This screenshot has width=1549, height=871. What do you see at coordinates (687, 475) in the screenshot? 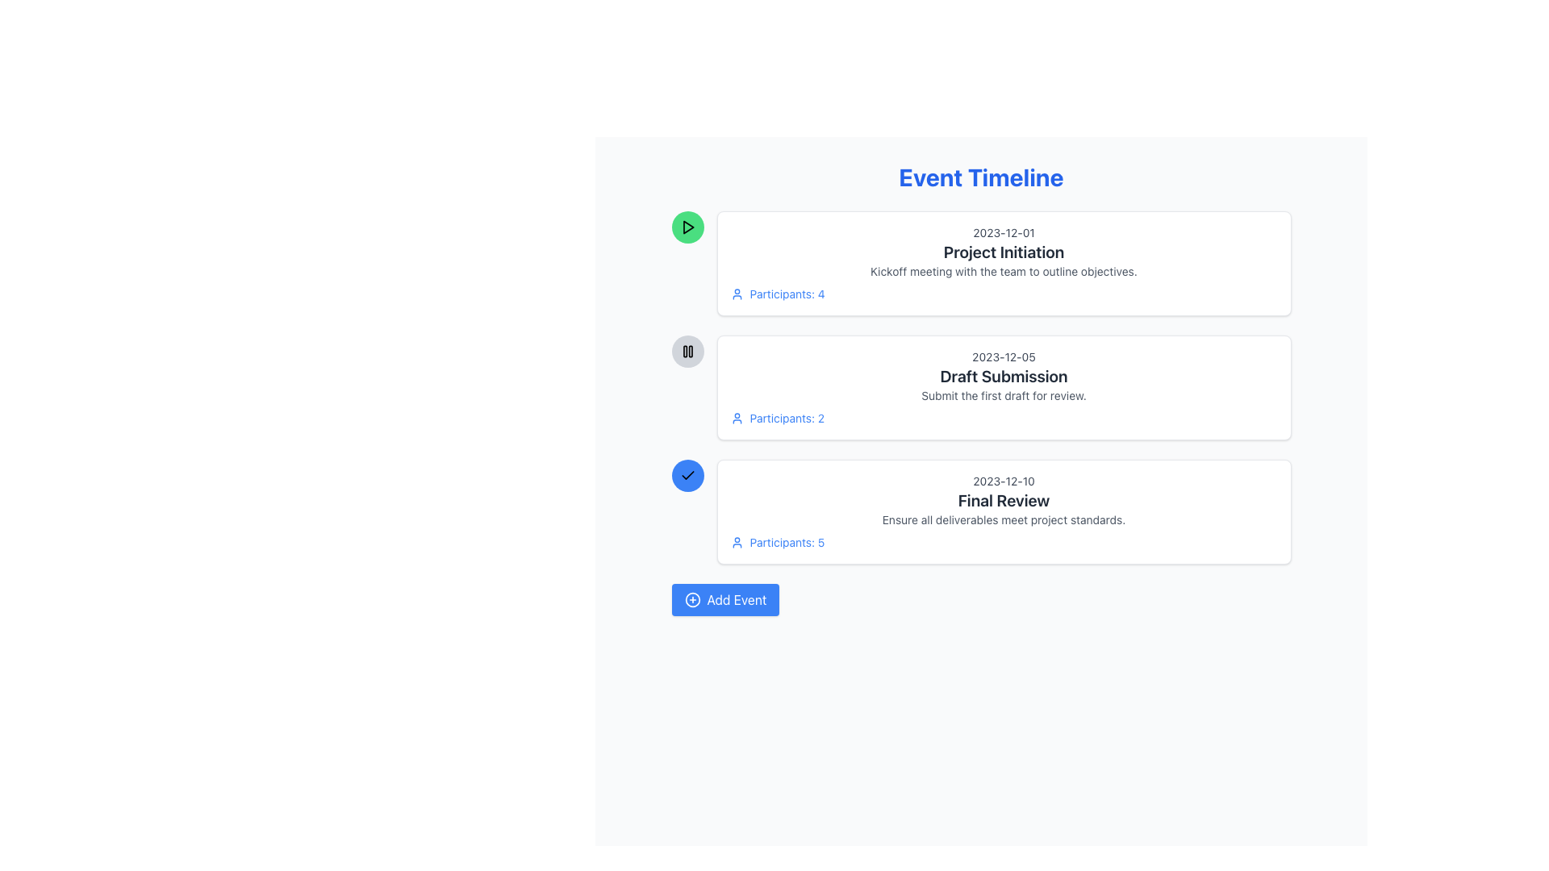
I see `the checkmark icon with a black stroke positioned centrally within a blue circular background at the bottom-most blue circle of the vertical timeline interface, adjacent to the 'Final Review' section` at bounding box center [687, 475].